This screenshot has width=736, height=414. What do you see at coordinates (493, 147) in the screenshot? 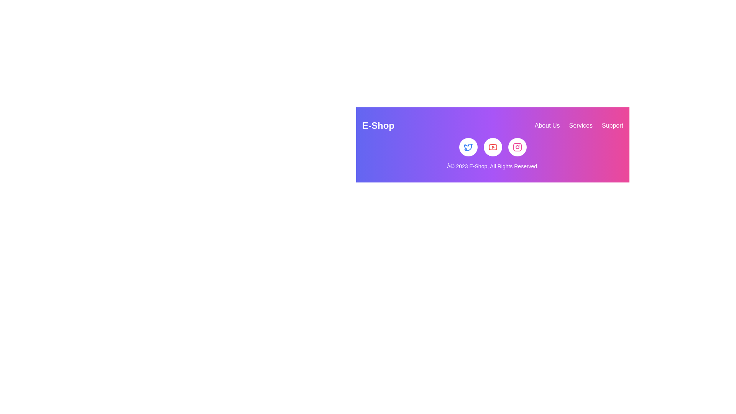
I see `one of the interactive link buttons in the footer section of the webpage` at bounding box center [493, 147].